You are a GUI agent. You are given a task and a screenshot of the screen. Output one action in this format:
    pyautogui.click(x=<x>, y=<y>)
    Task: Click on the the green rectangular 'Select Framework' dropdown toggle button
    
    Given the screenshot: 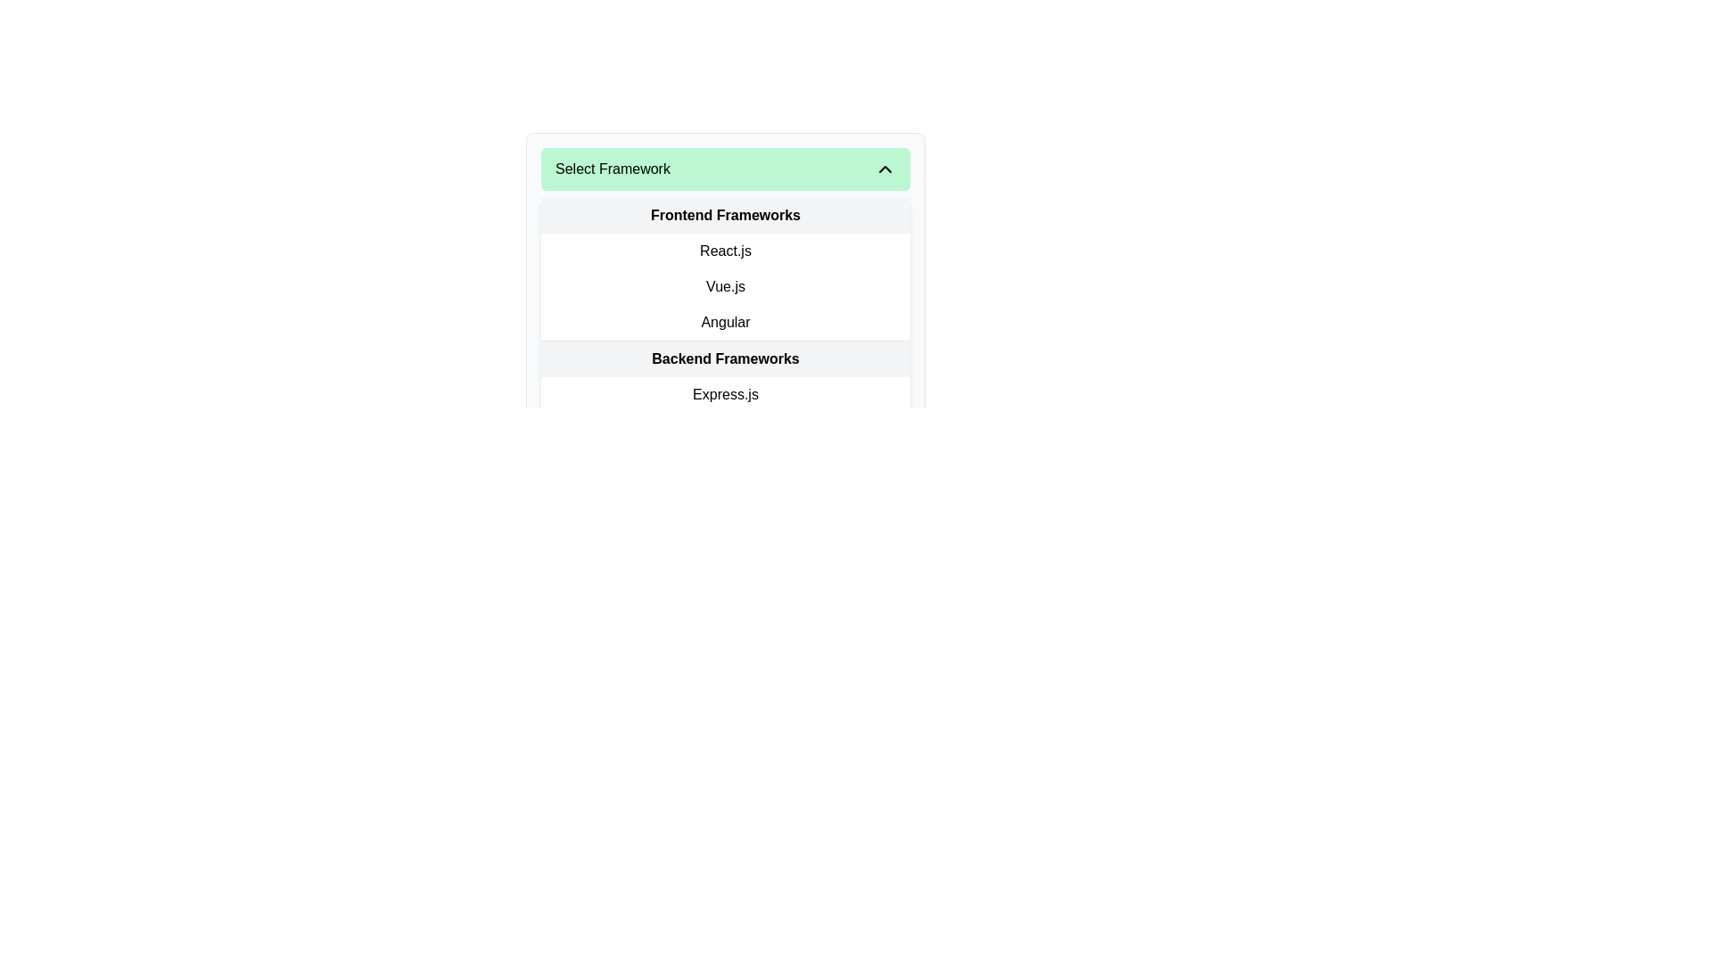 What is the action you would take?
    pyautogui.click(x=726, y=169)
    